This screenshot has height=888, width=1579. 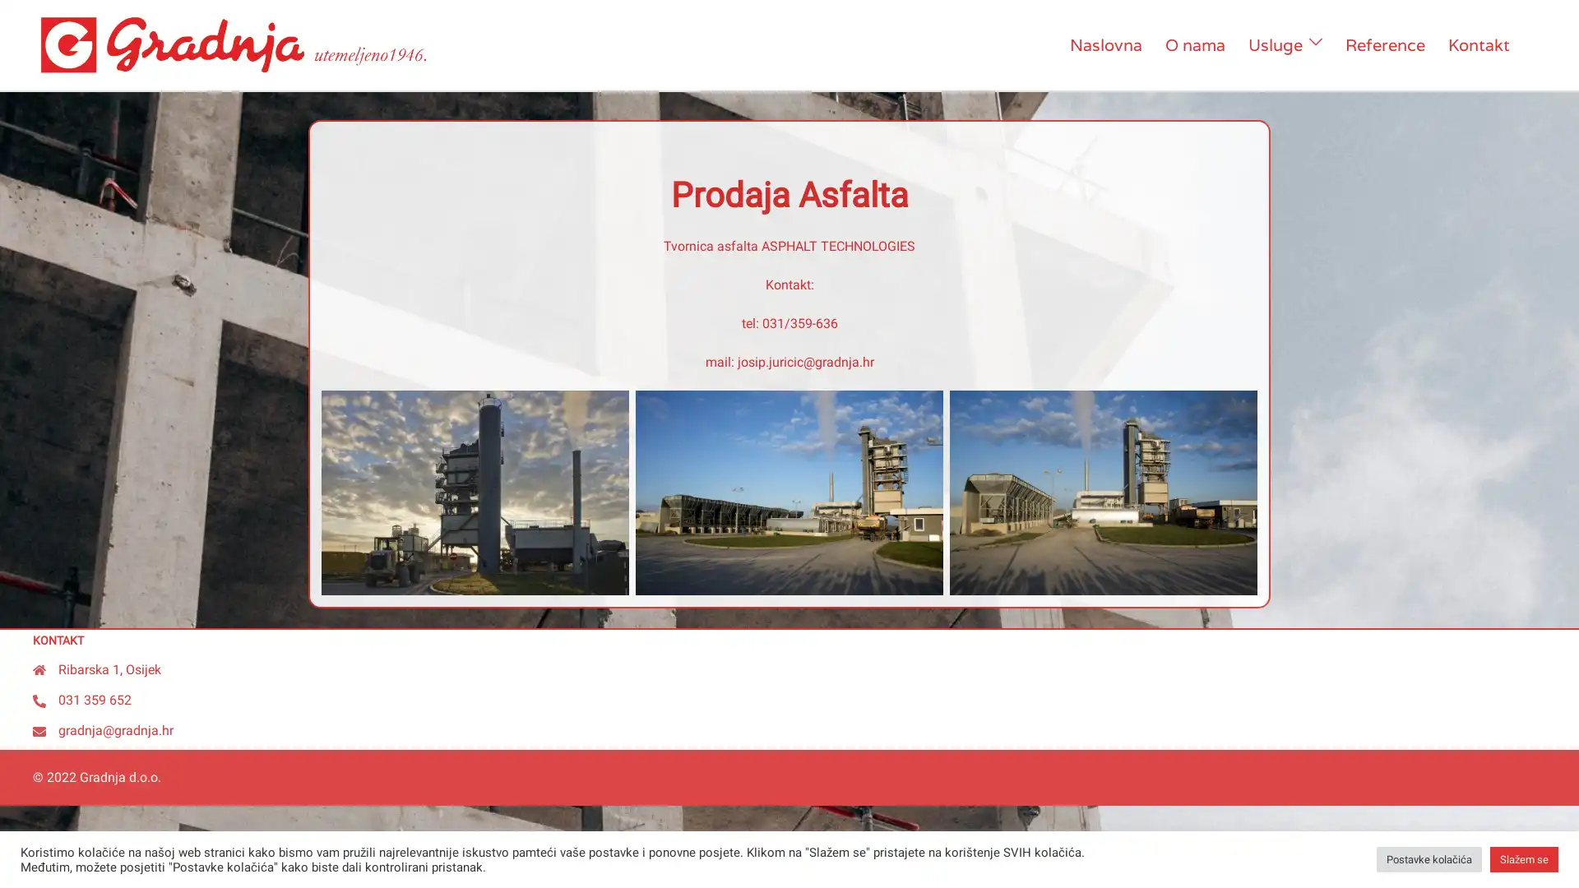 I want to click on Postavke kolacica, so click(x=1428, y=858).